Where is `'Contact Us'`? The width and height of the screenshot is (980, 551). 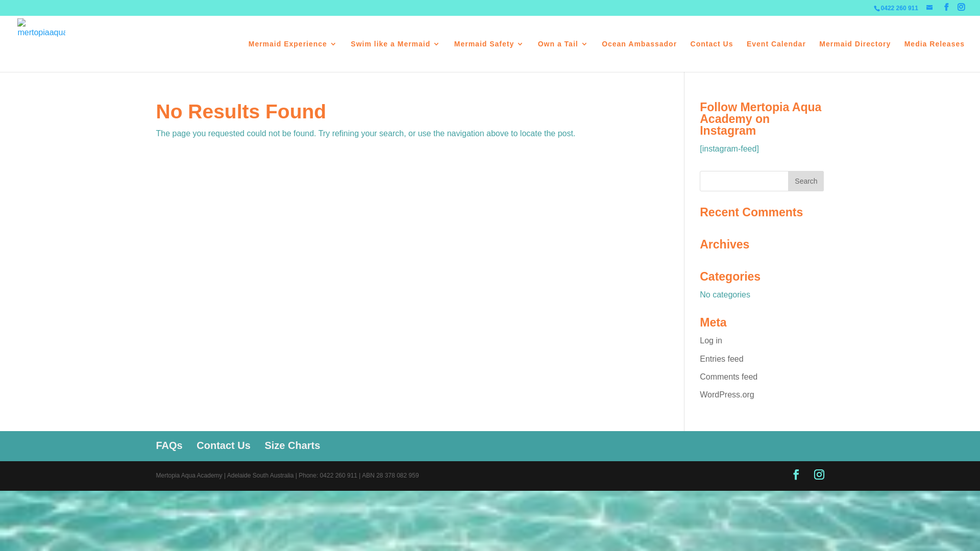 'Contact Us' is located at coordinates (196, 444).